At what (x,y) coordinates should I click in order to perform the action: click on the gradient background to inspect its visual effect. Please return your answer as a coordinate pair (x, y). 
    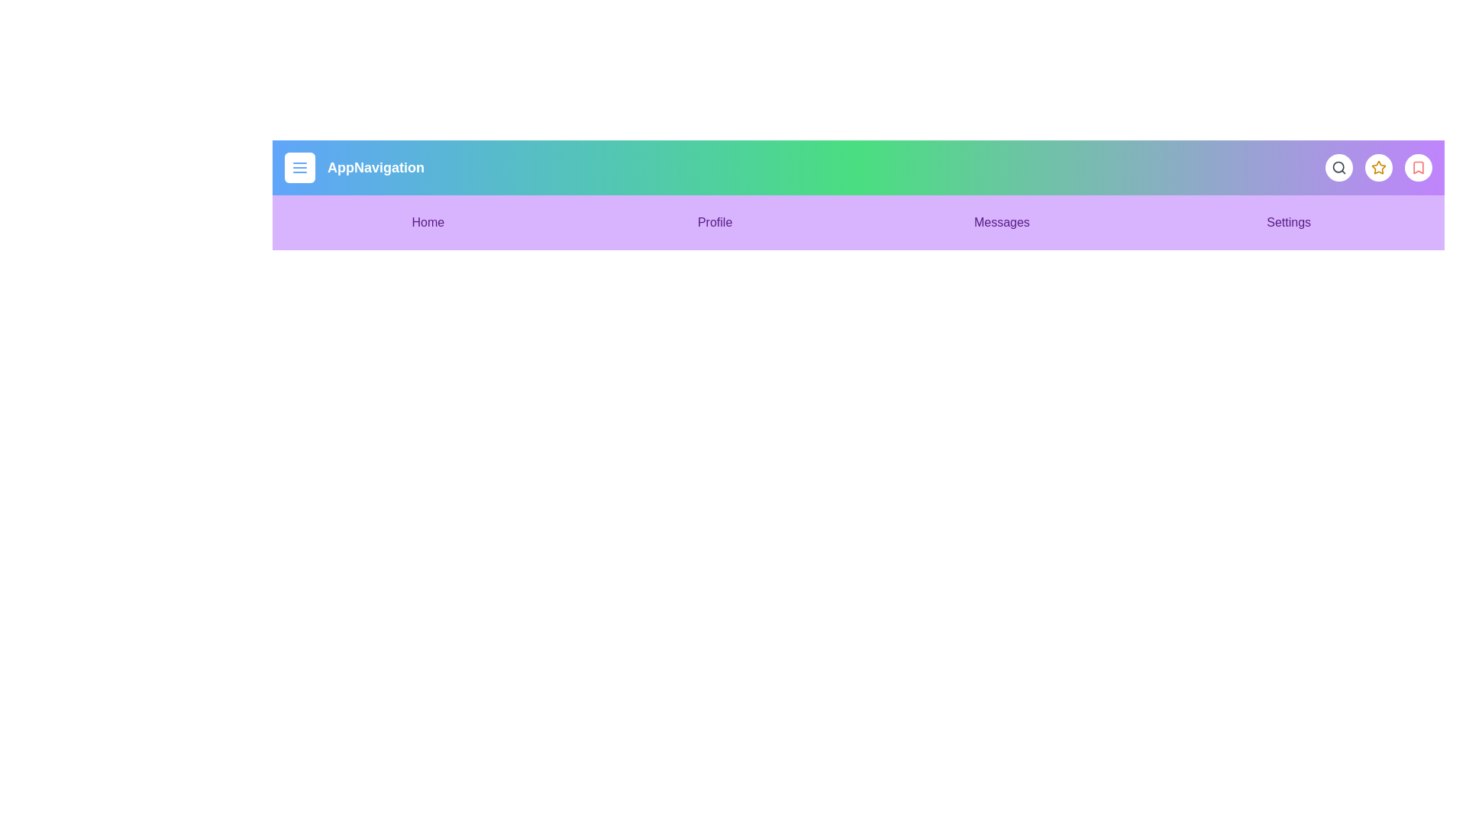
    Looking at the image, I should click on (858, 194).